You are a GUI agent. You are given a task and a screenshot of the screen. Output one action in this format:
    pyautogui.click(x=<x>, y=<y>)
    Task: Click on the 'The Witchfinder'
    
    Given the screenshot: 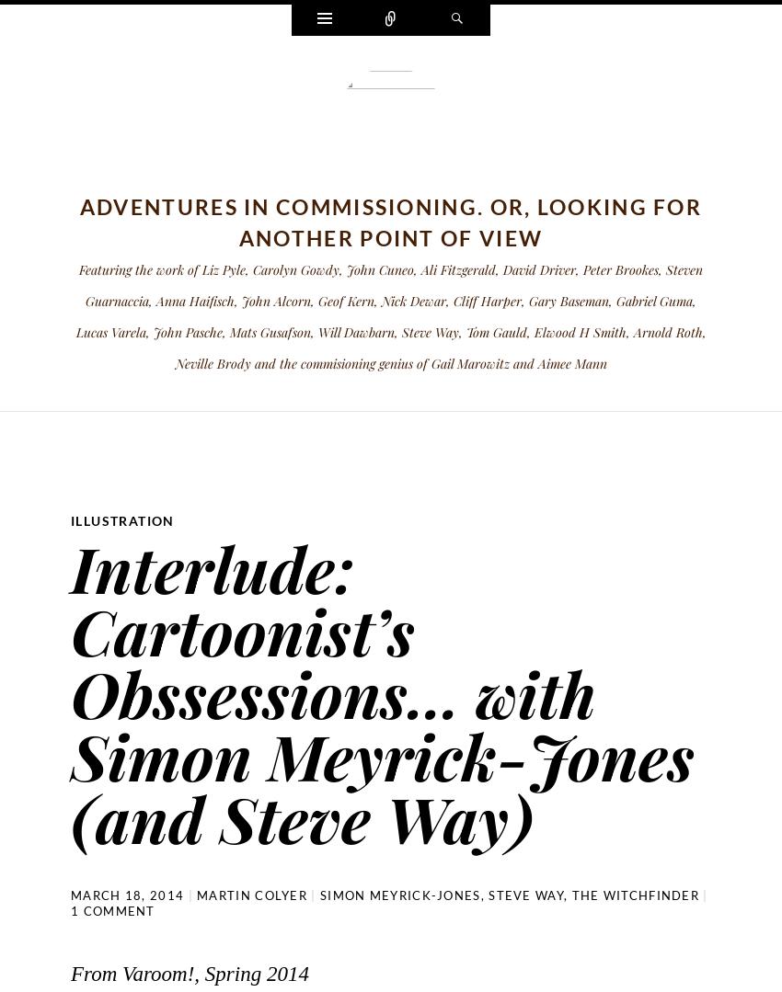 What is the action you would take?
    pyautogui.click(x=634, y=894)
    